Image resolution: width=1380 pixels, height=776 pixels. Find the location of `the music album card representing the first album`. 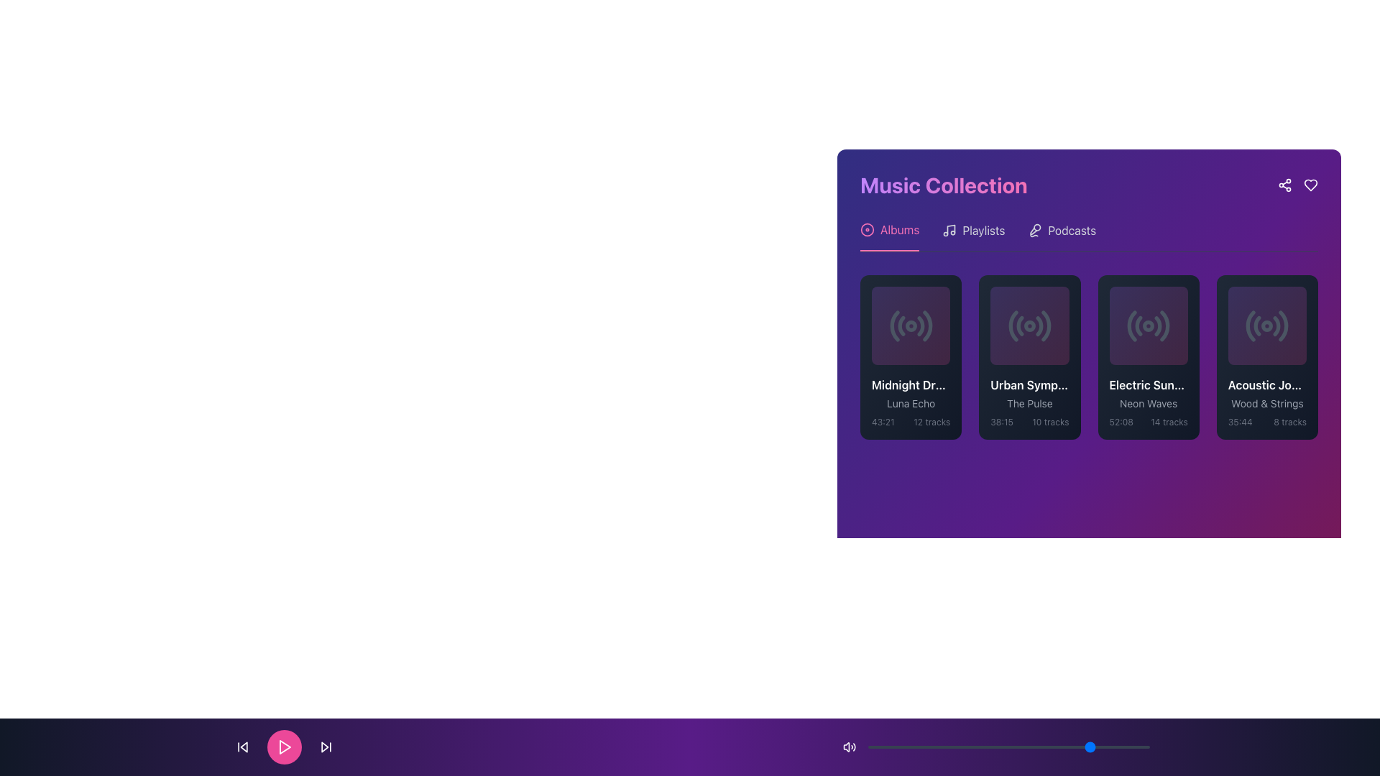

the music album card representing the first album is located at coordinates (910, 356).